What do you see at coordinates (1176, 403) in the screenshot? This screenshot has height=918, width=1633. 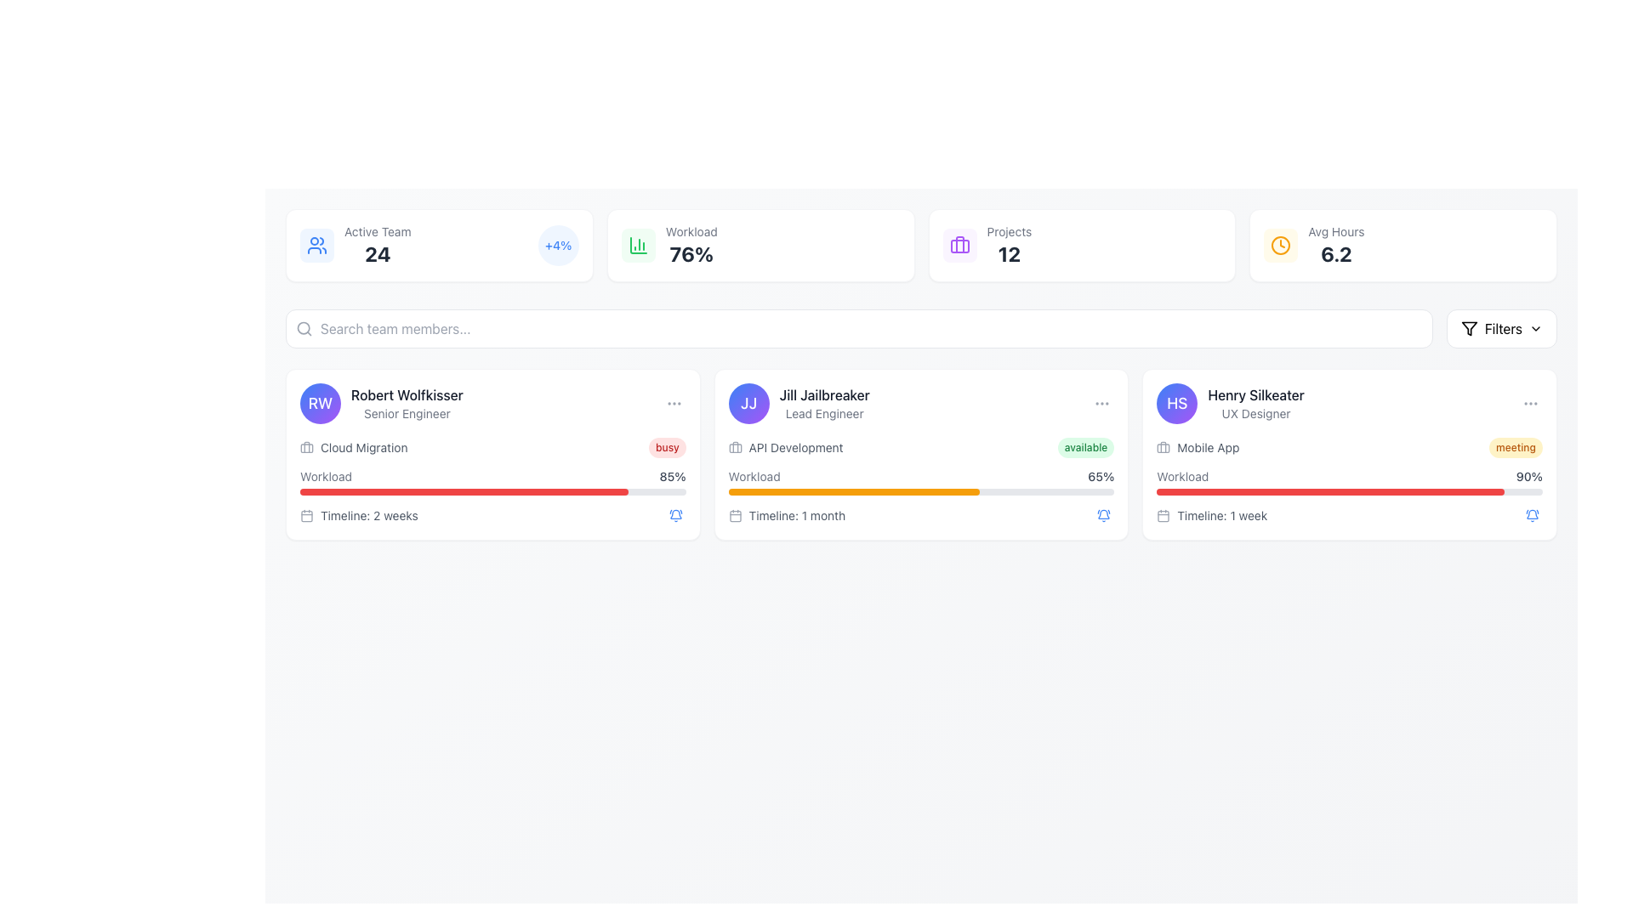 I see `the circular profile avatar icon with gradient background and white 'HS' text, located in the top-left corner of the user information group` at bounding box center [1176, 403].